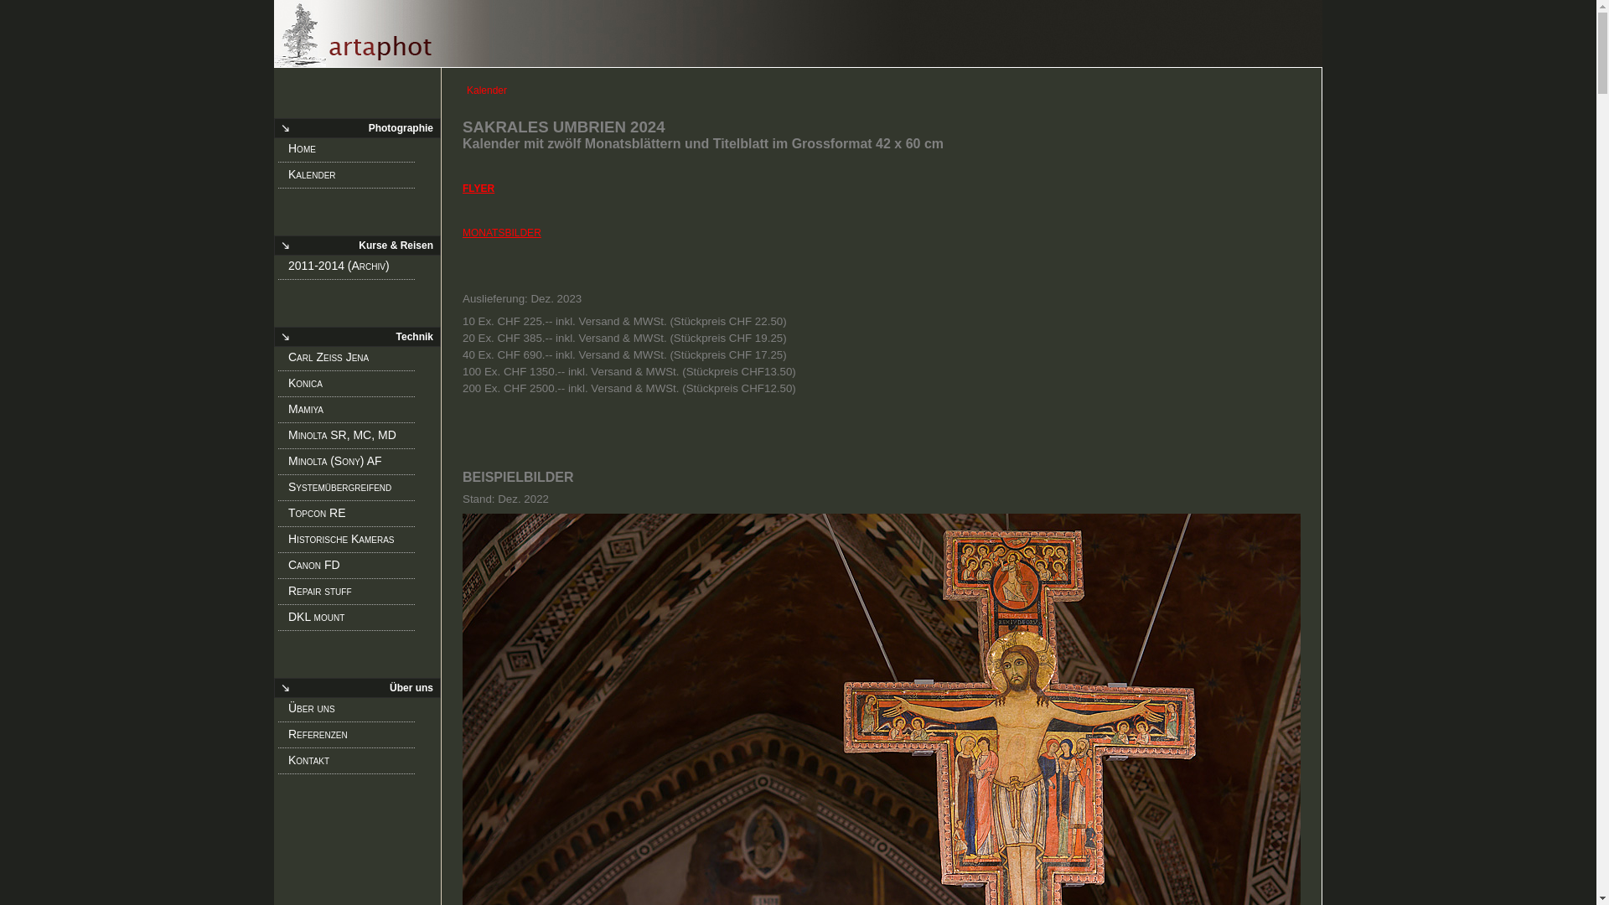 The width and height of the screenshot is (1609, 905). I want to click on 'Canon FD', so click(351, 567).